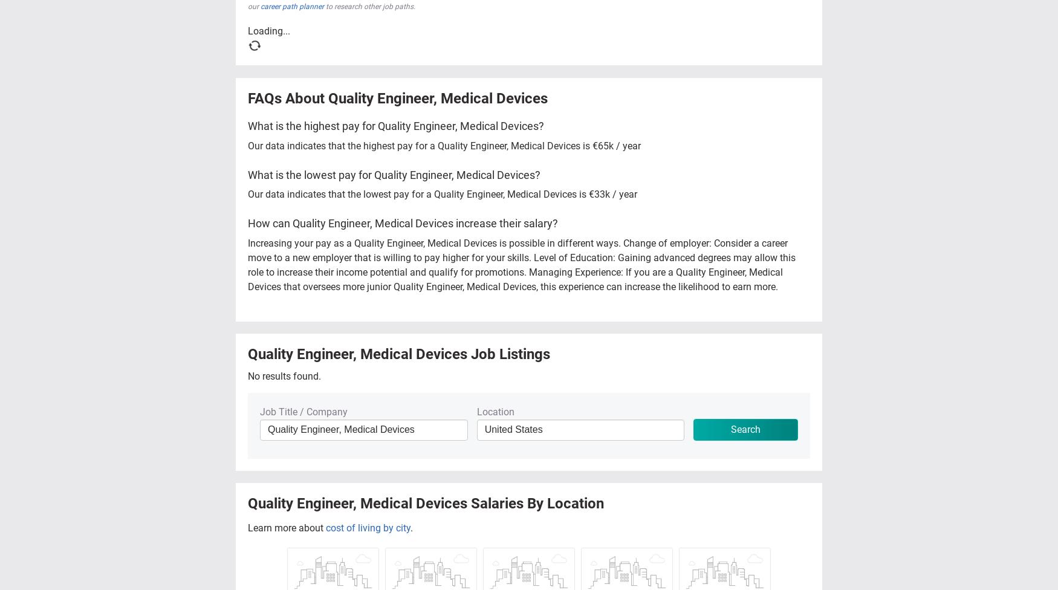  Describe the element at coordinates (269, 31) in the screenshot. I see `'Loading...'` at that location.